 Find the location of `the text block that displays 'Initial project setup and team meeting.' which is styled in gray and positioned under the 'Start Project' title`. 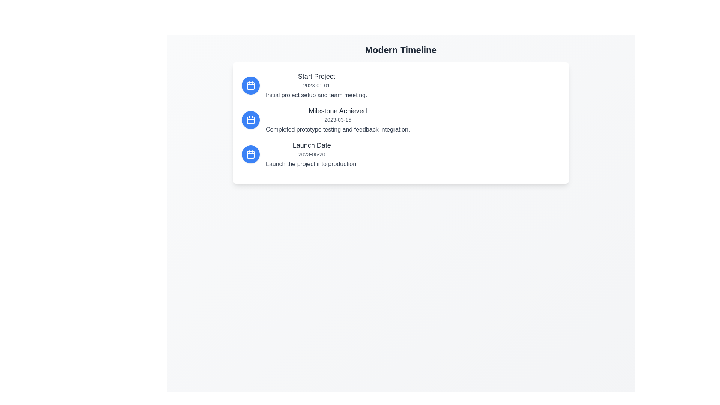

the text block that displays 'Initial project setup and team meeting.' which is styled in gray and positioned under the 'Start Project' title is located at coordinates (316, 95).